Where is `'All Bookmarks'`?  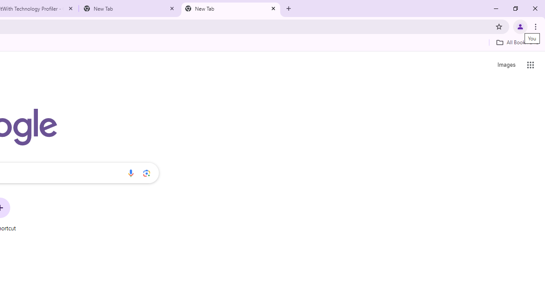 'All Bookmarks' is located at coordinates (517, 42).